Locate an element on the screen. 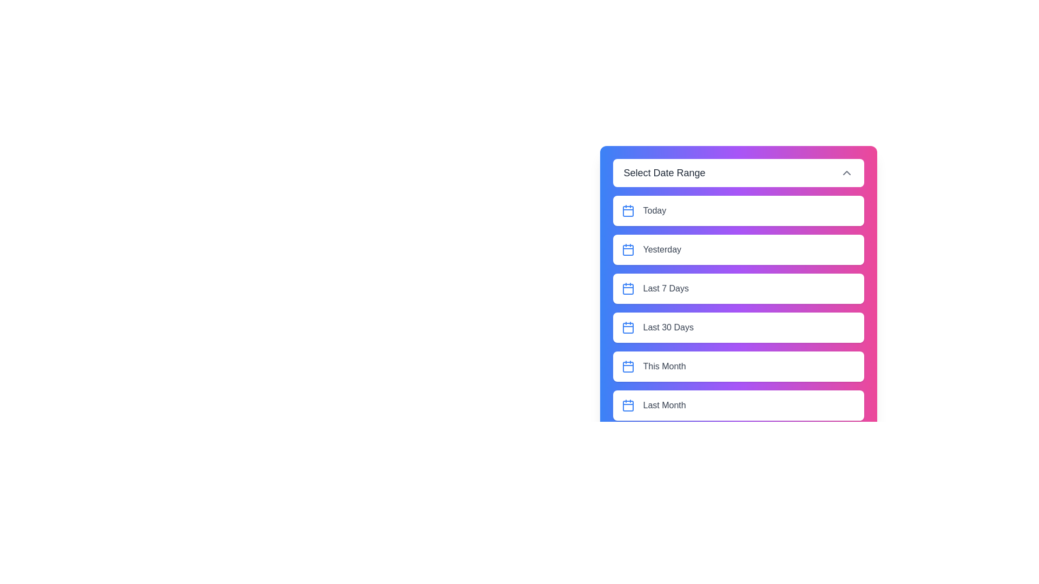  the date range option Yesterday from the list is located at coordinates (738, 250).